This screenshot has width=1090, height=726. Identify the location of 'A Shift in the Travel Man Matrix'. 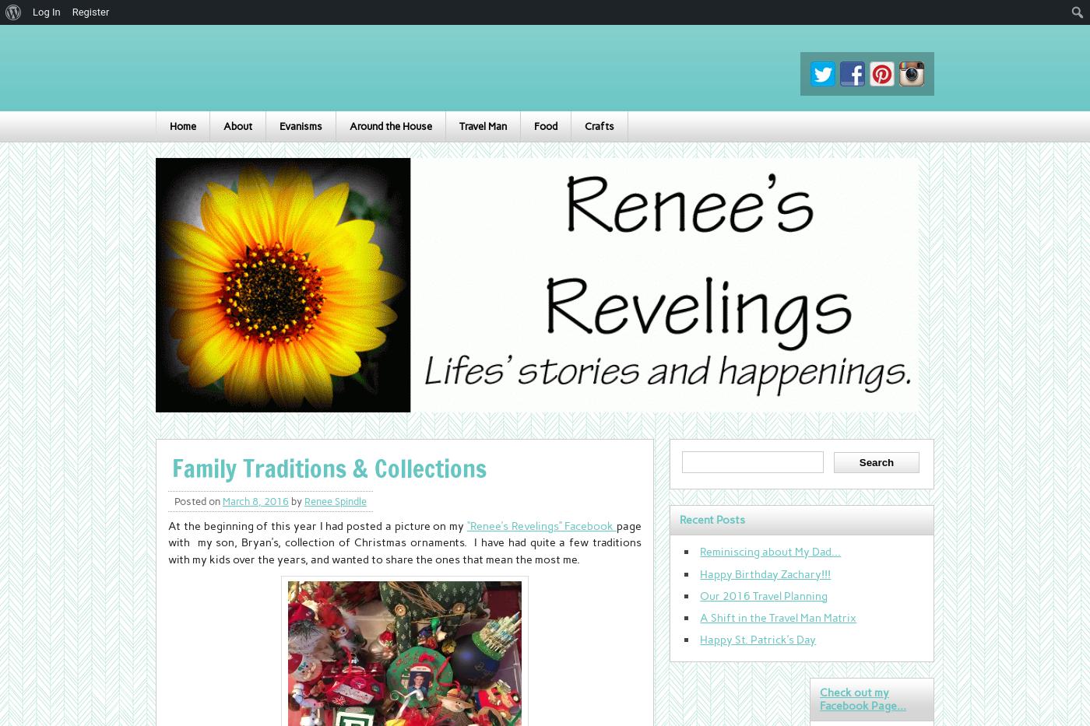
(699, 617).